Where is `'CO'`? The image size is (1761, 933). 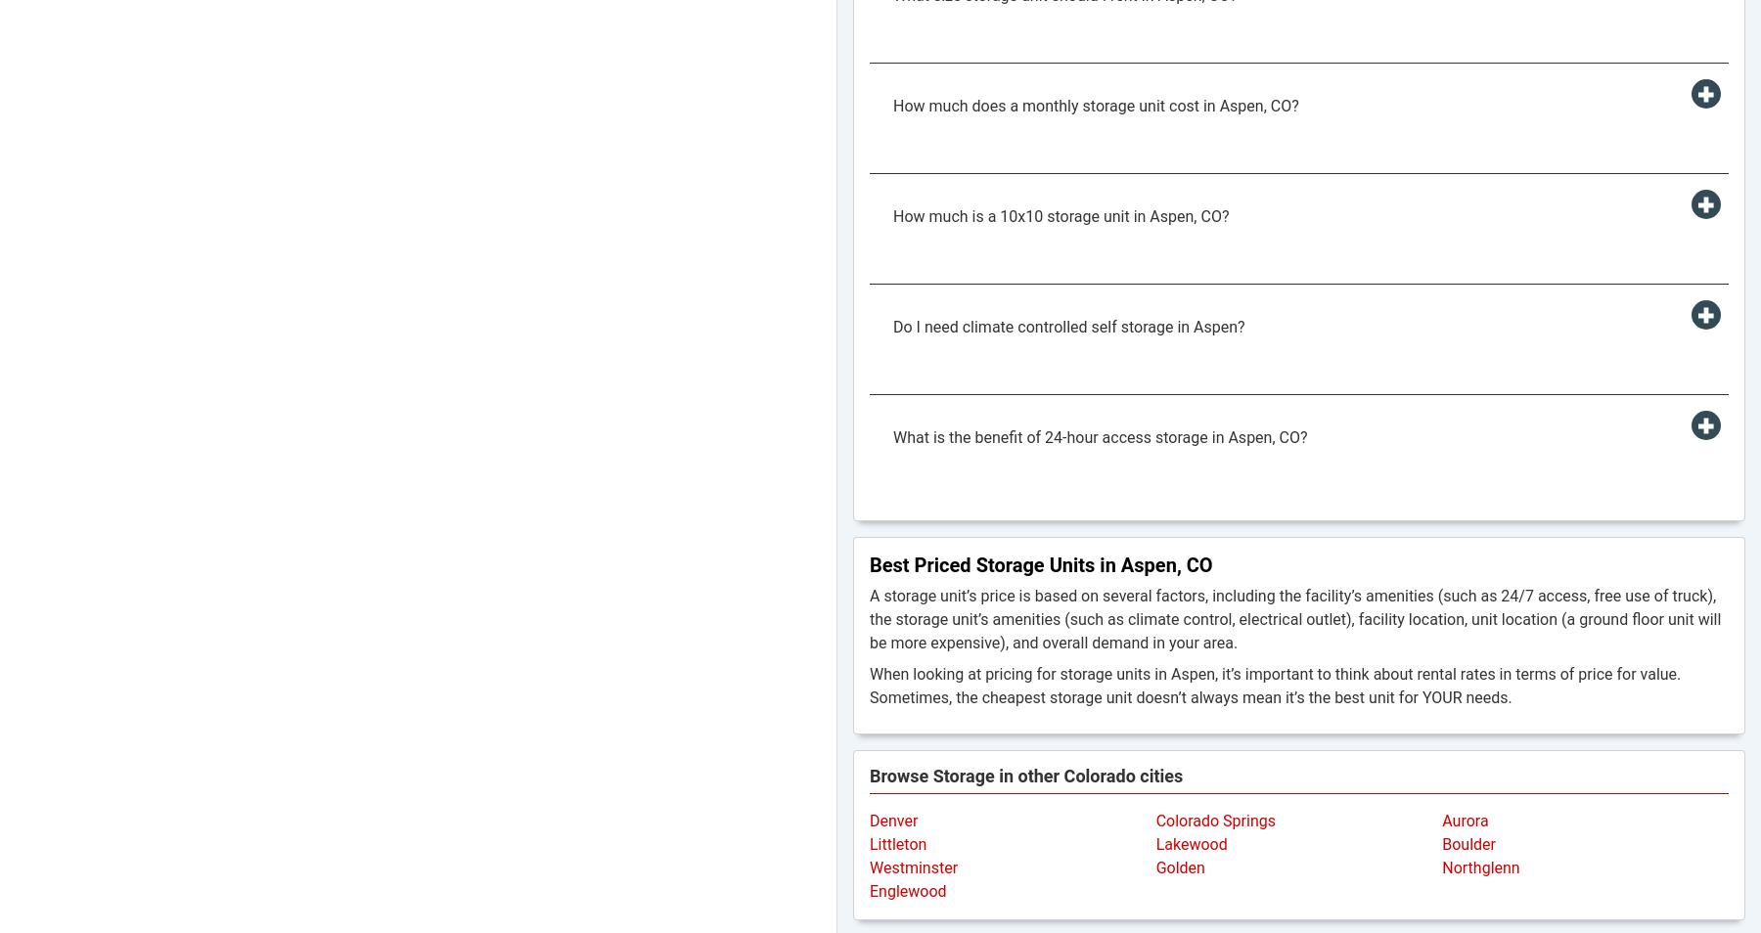 'CO' is located at coordinates (1197, 564).